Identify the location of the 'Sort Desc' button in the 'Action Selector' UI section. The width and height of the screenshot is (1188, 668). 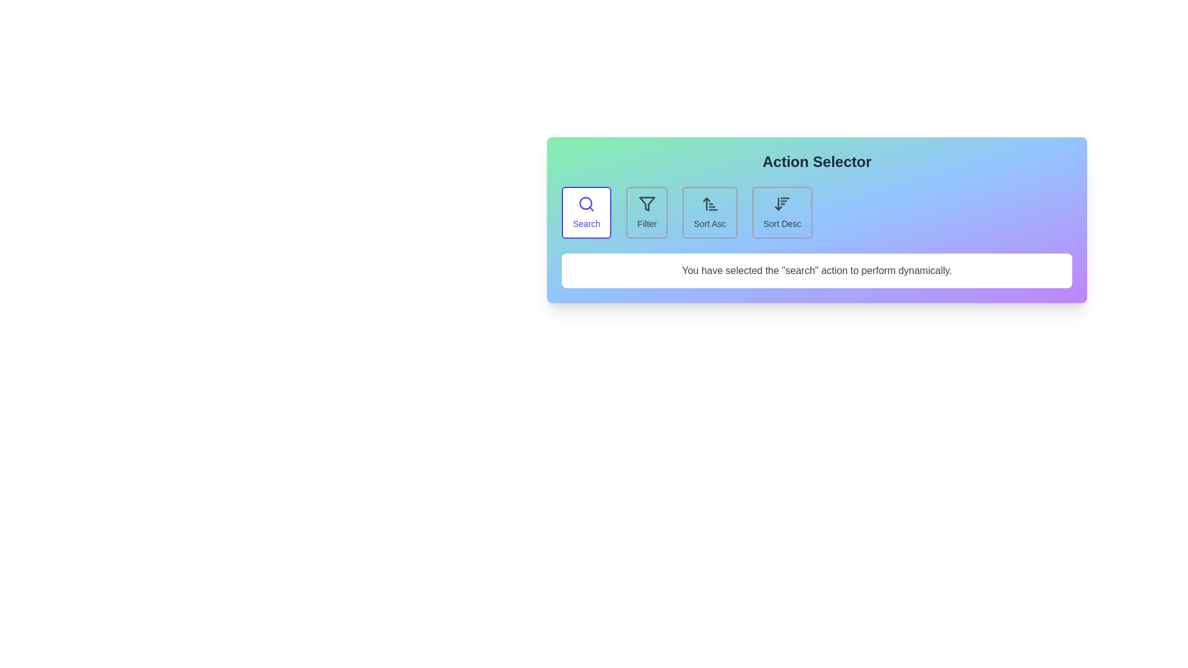
(781, 212).